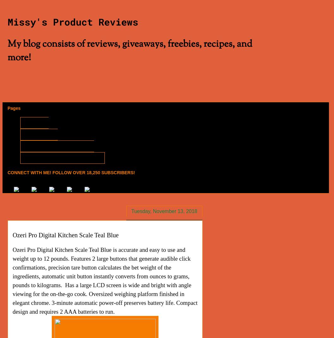 The width and height of the screenshot is (334, 338). Describe the element at coordinates (28, 145) in the screenshot. I see `'Halloween Gift Guide 2023'` at that location.